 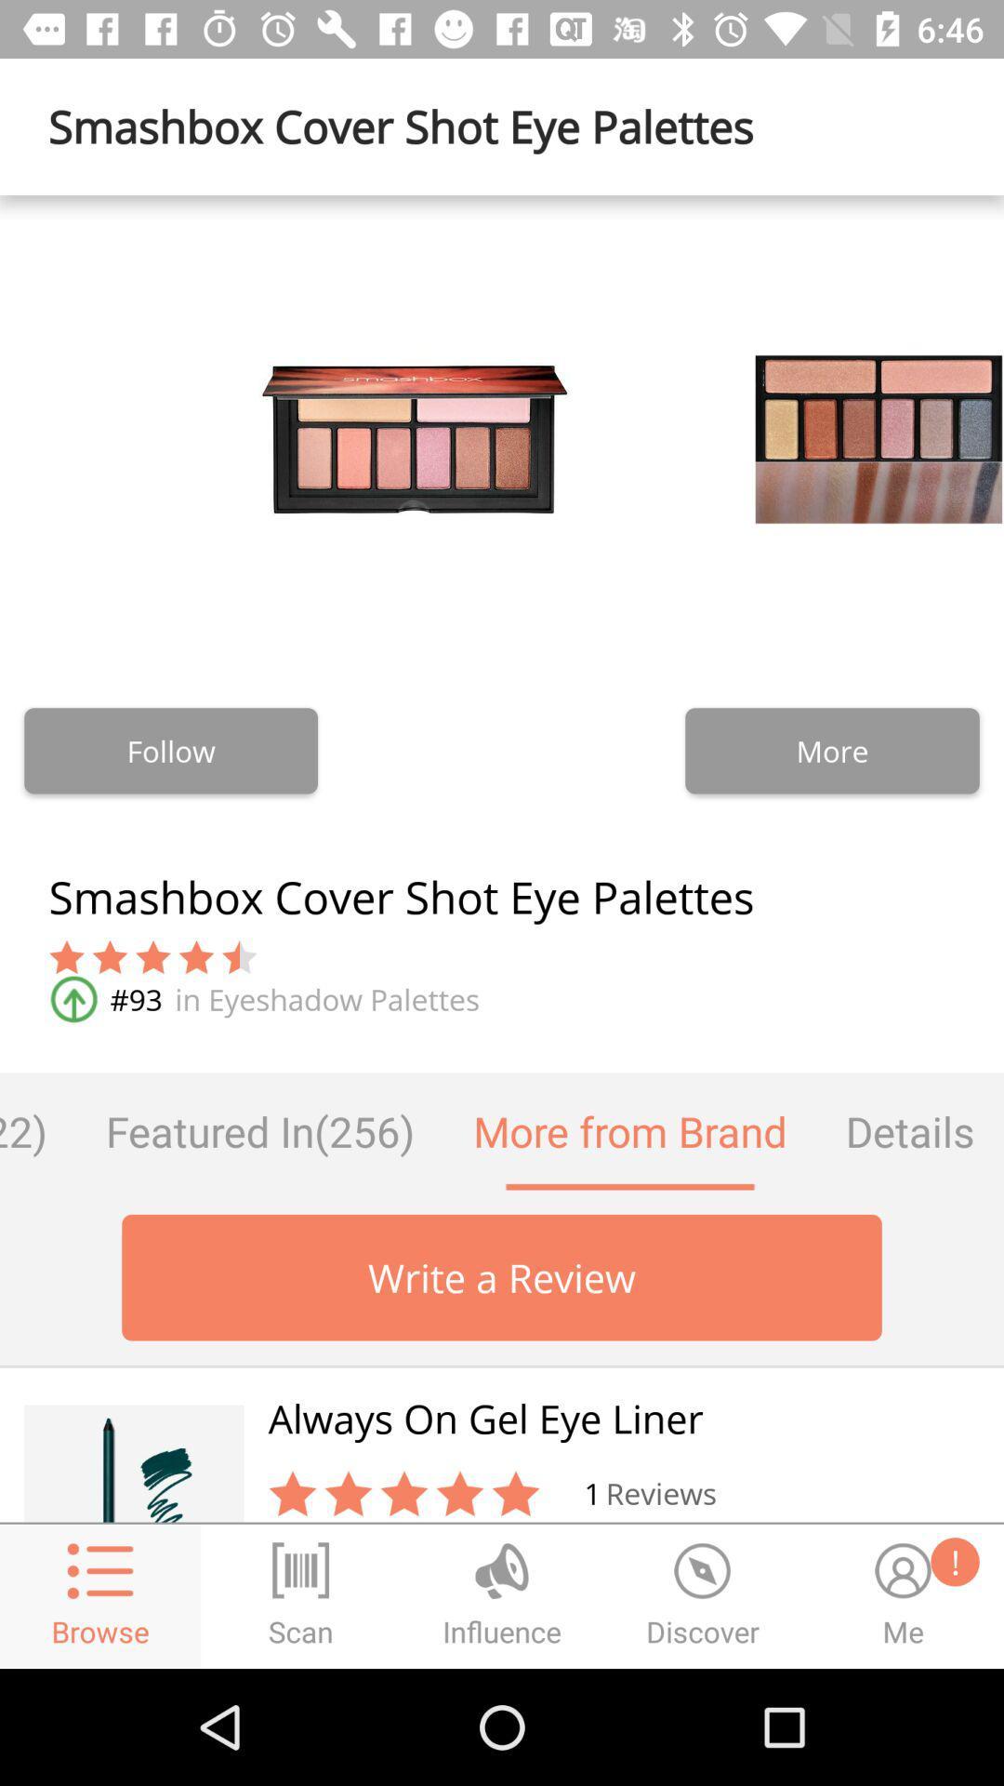 What do you see at coordinates (629, 1130) in the screenshot?
I see `item to the right of the featured in(256) icon` at bounding box center [629, 1130].